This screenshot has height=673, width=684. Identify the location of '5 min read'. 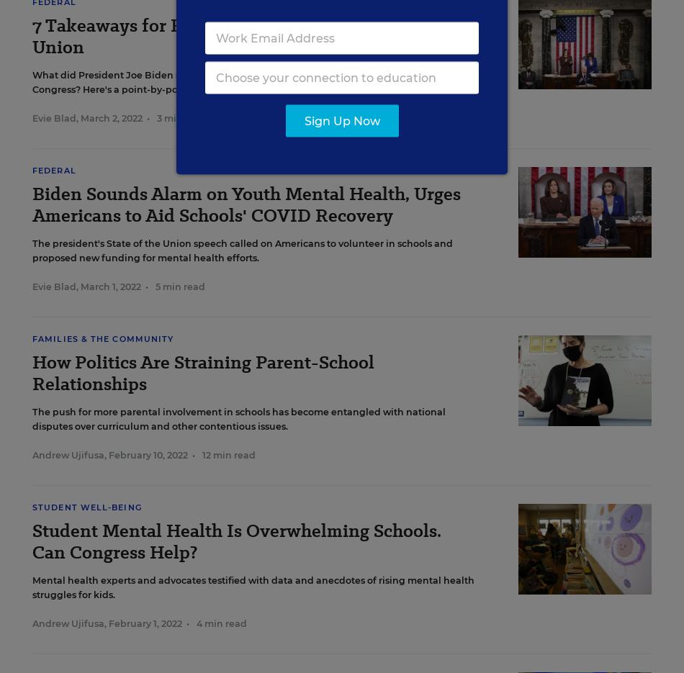
(179, 286).